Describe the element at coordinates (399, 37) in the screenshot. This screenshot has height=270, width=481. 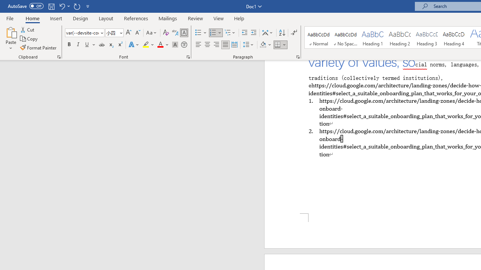
I see `'Heading 2'` at that location.